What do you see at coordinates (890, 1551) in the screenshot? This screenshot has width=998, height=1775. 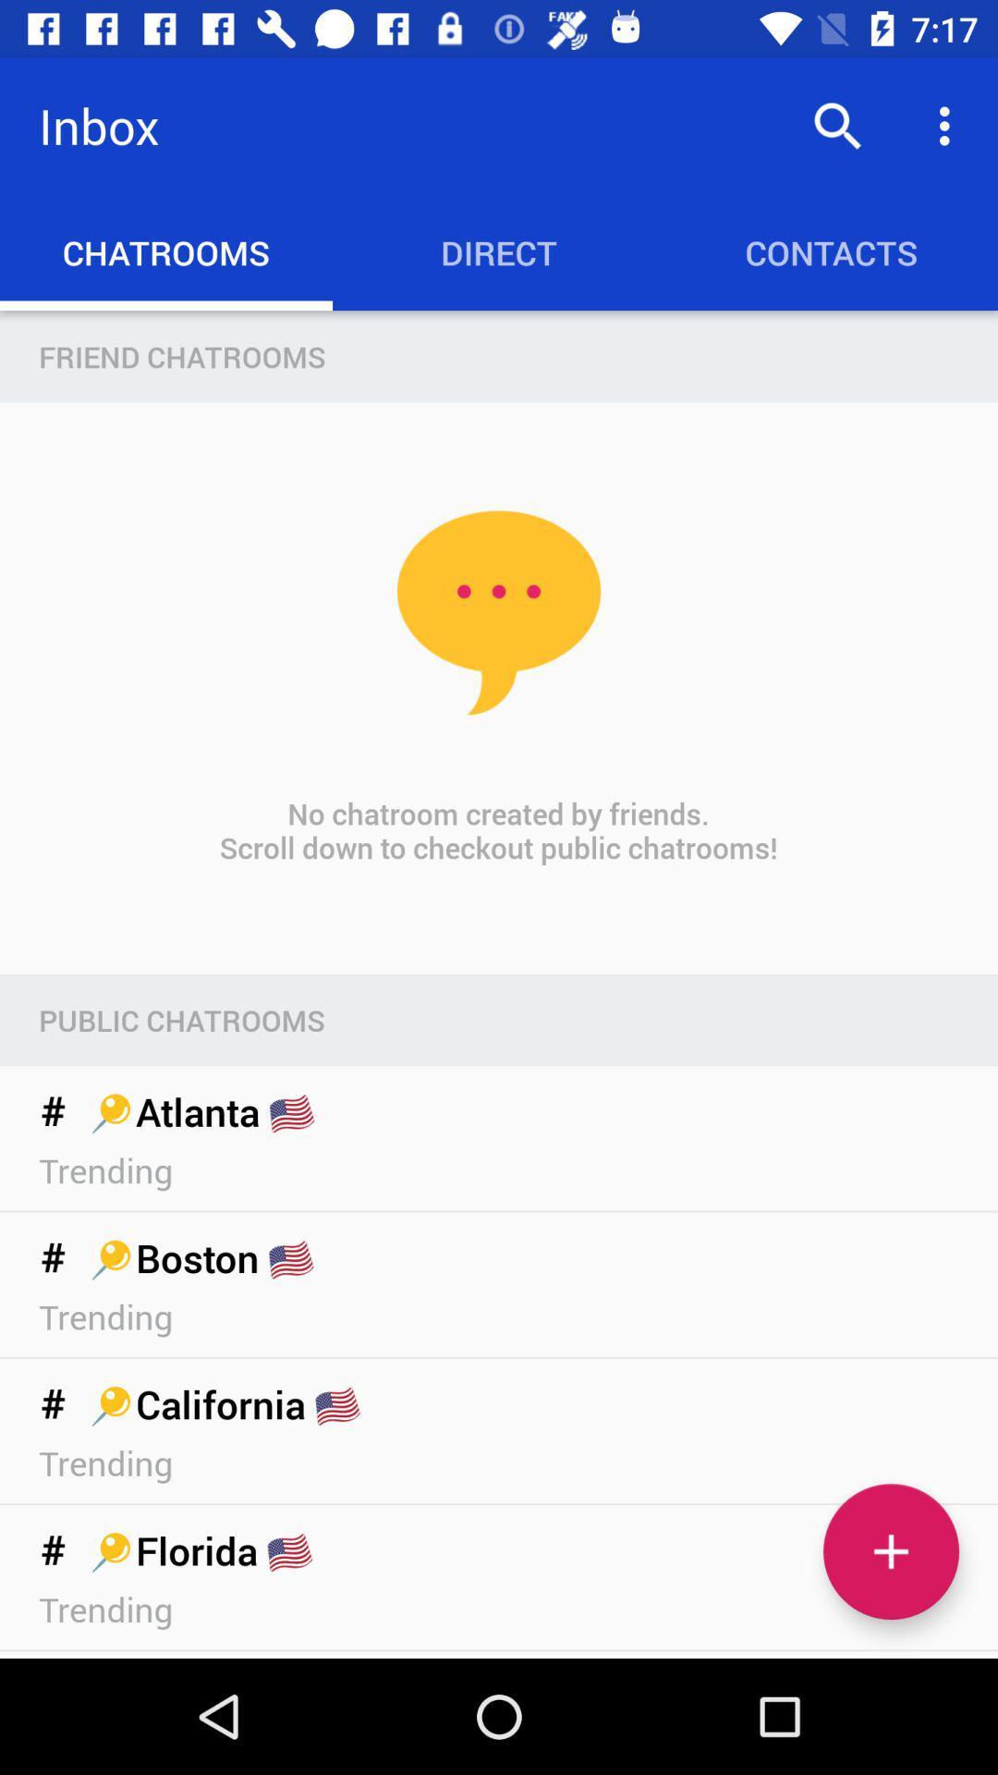 I see `the item at the bottom right corner` at bounding box center [890, 1551].